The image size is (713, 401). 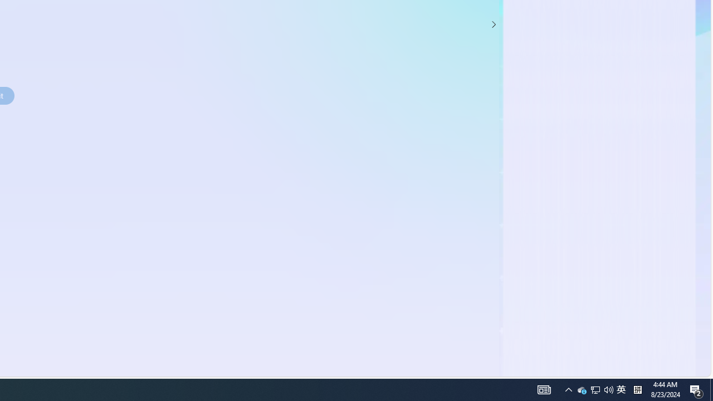 I want to click on 'Class: control', so click(x=492, y=24).